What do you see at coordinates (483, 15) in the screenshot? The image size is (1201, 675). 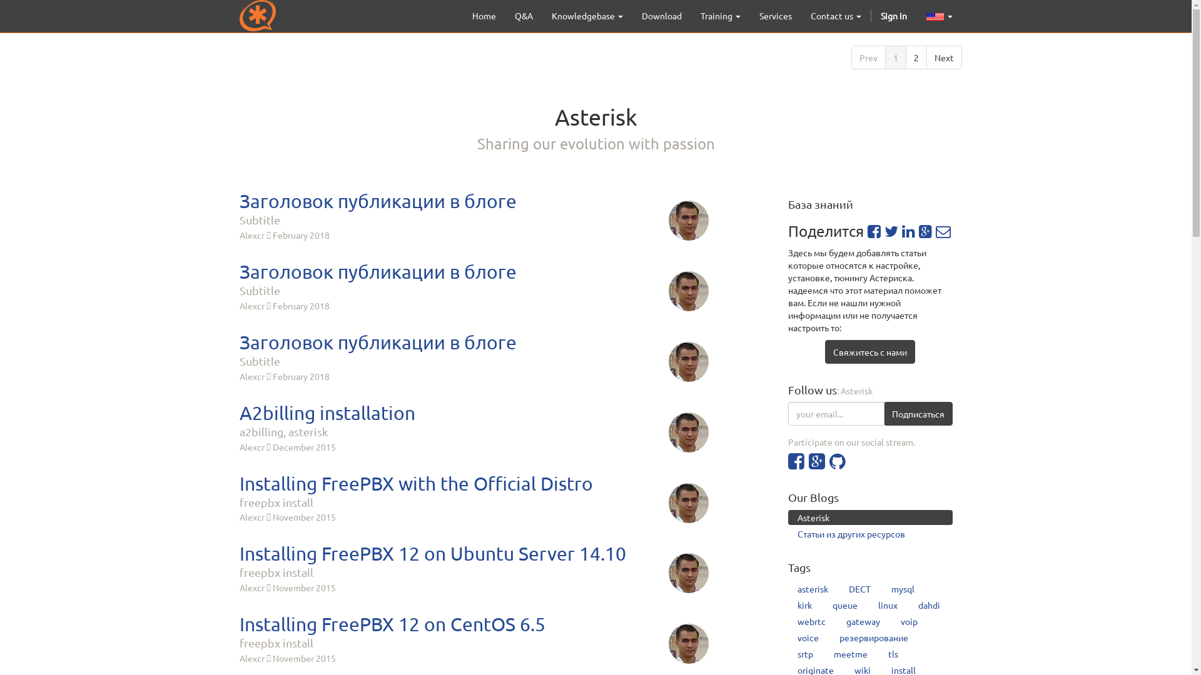 I see `'Home'` at bounding box center [483, 15].